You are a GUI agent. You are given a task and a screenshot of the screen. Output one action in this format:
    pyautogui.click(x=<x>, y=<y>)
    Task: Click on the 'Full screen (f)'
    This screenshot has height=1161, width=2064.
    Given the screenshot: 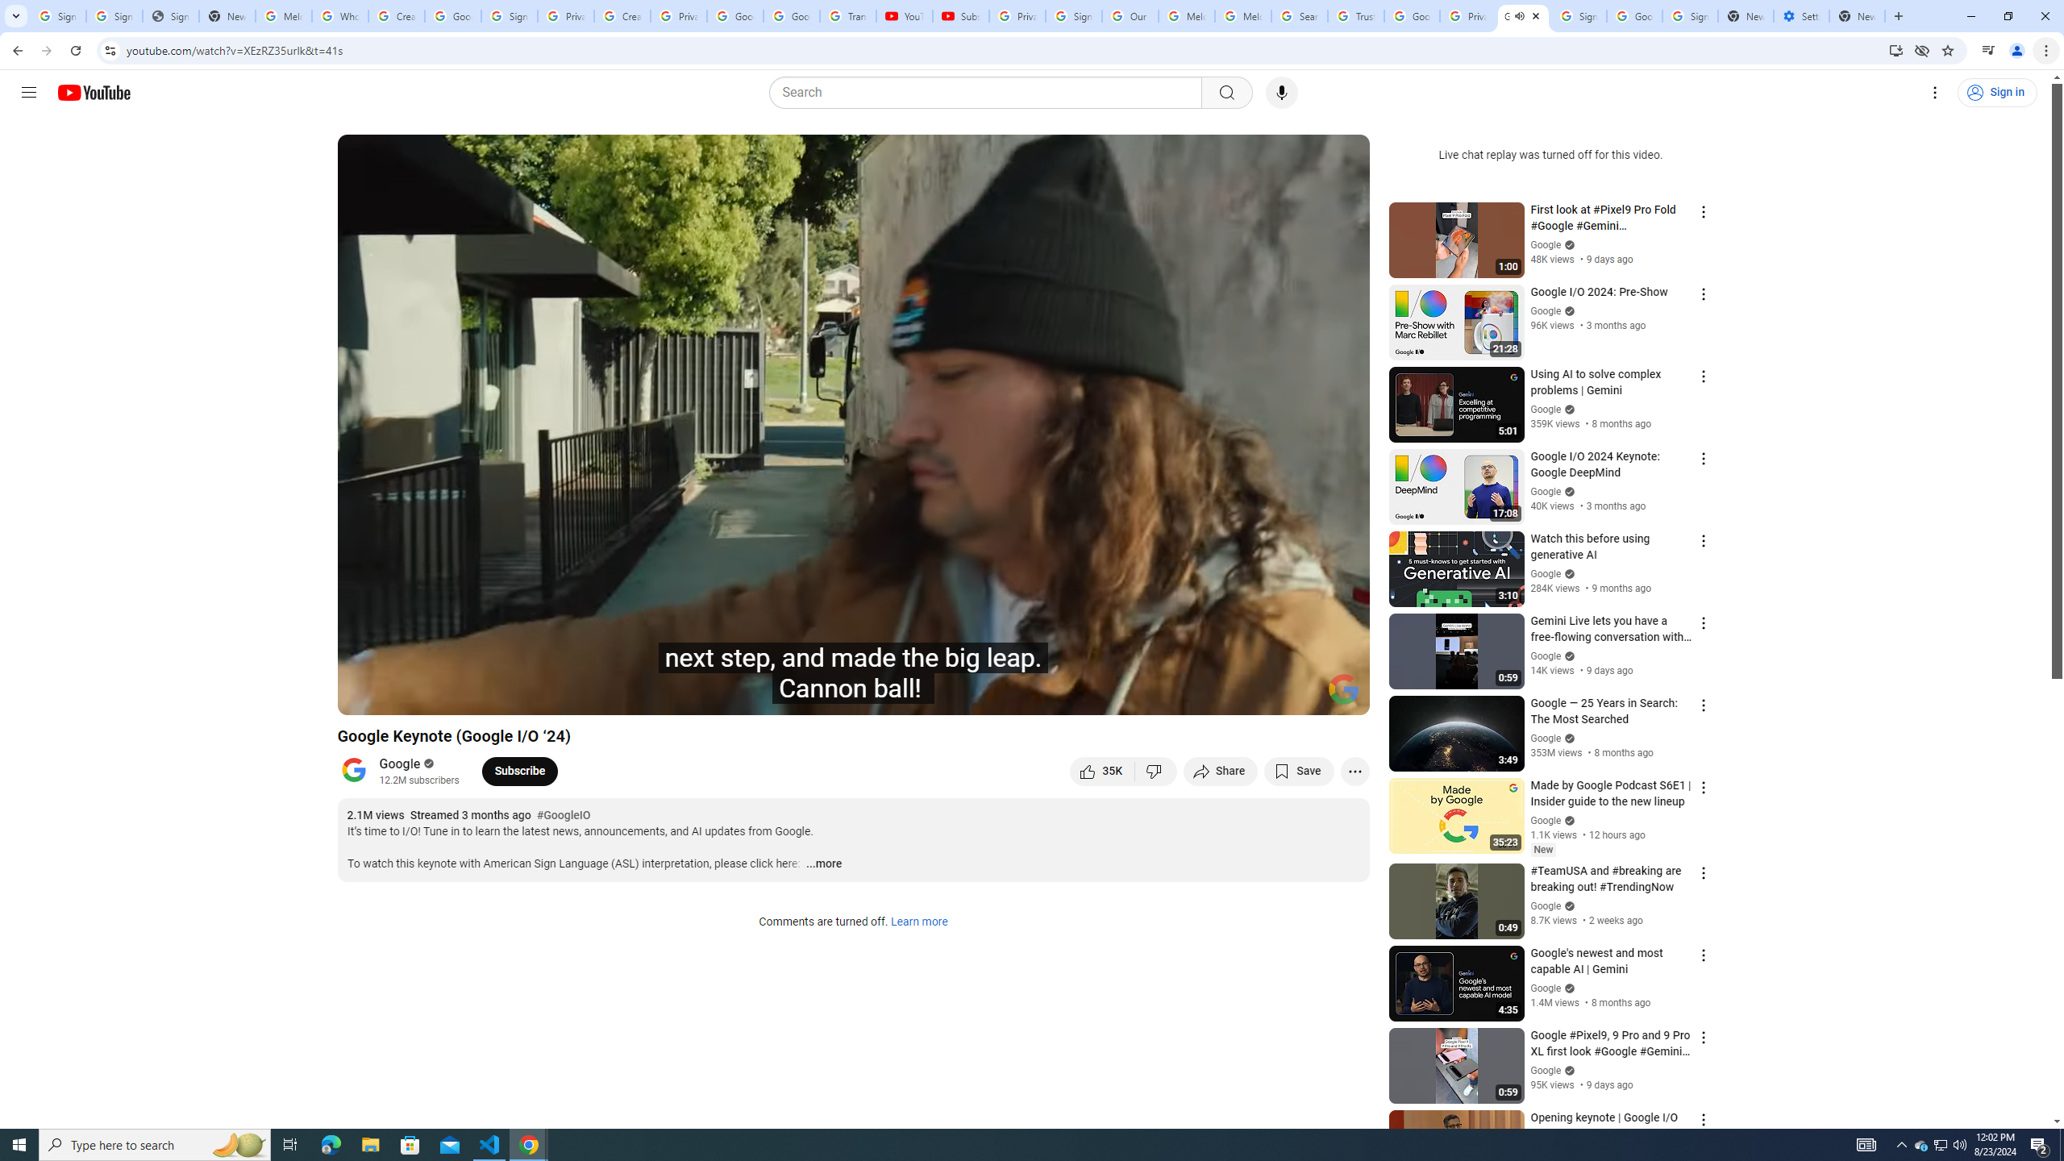 What is the action you would take?
    pyautogui.click(x=1340, y=695)
    